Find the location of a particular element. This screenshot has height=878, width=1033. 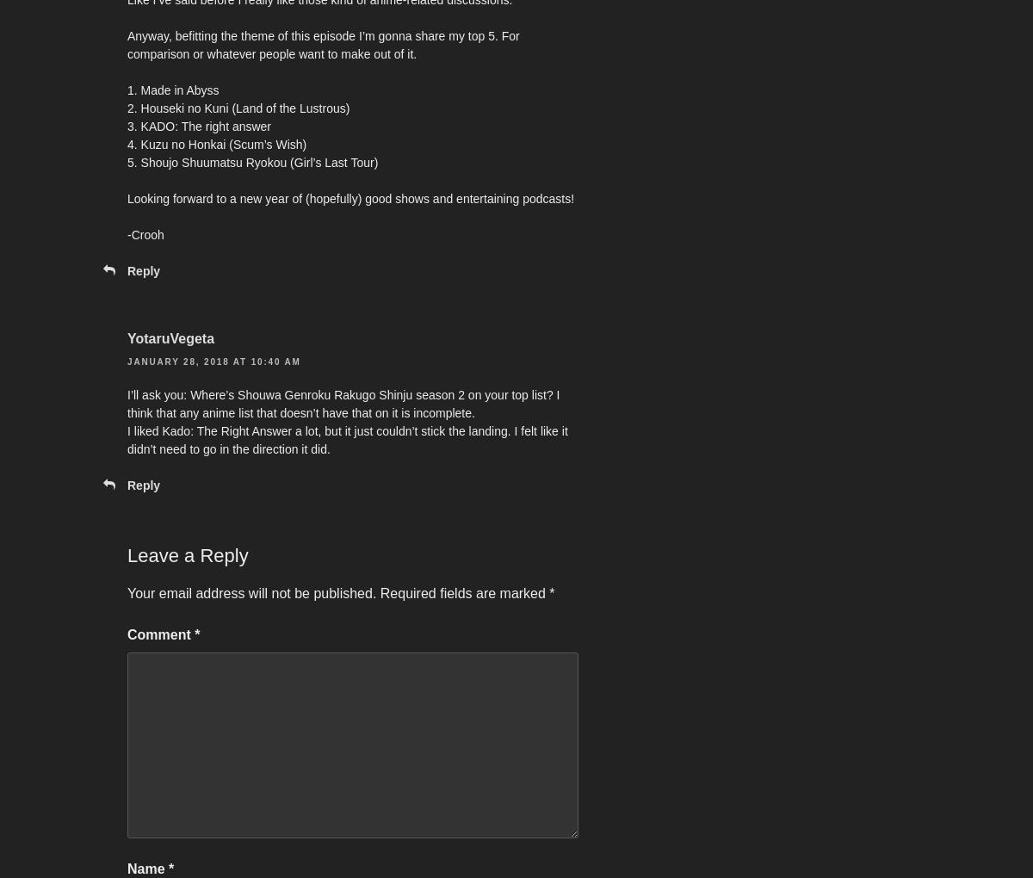

'Your email address will not be published.' is located at coordinates (251, 591).